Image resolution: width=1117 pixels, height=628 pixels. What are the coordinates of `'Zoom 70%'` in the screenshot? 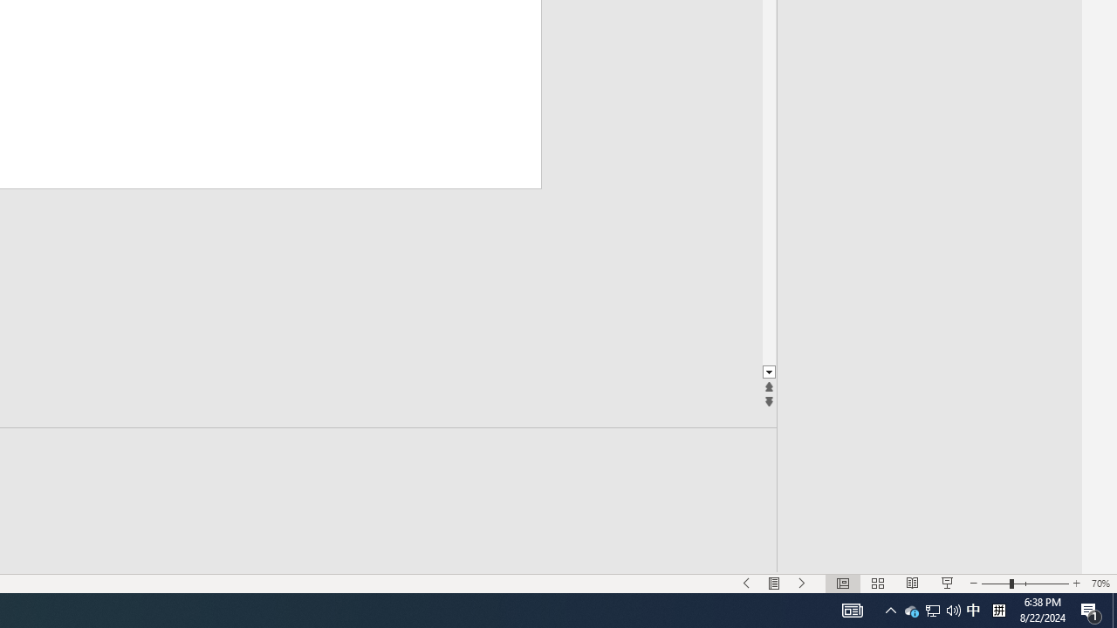 It's located at (1100, 584).